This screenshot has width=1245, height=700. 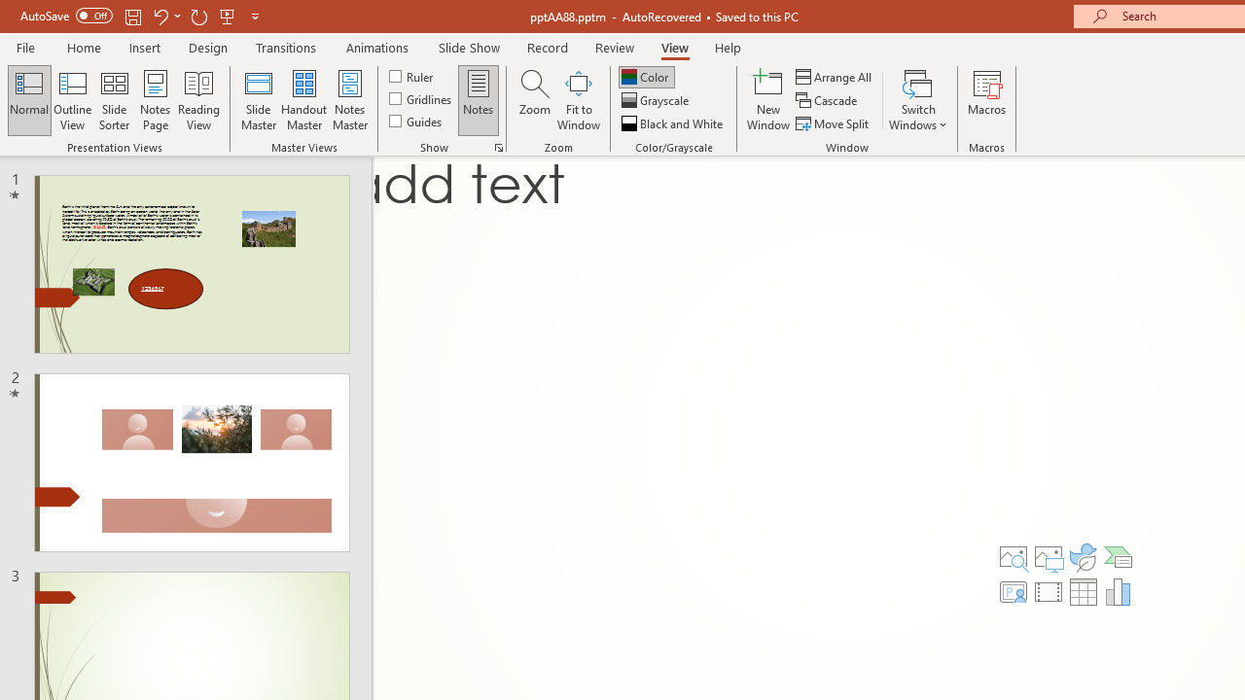 I want to click on 'Insert Cameo', so click(x=1013, y=591).